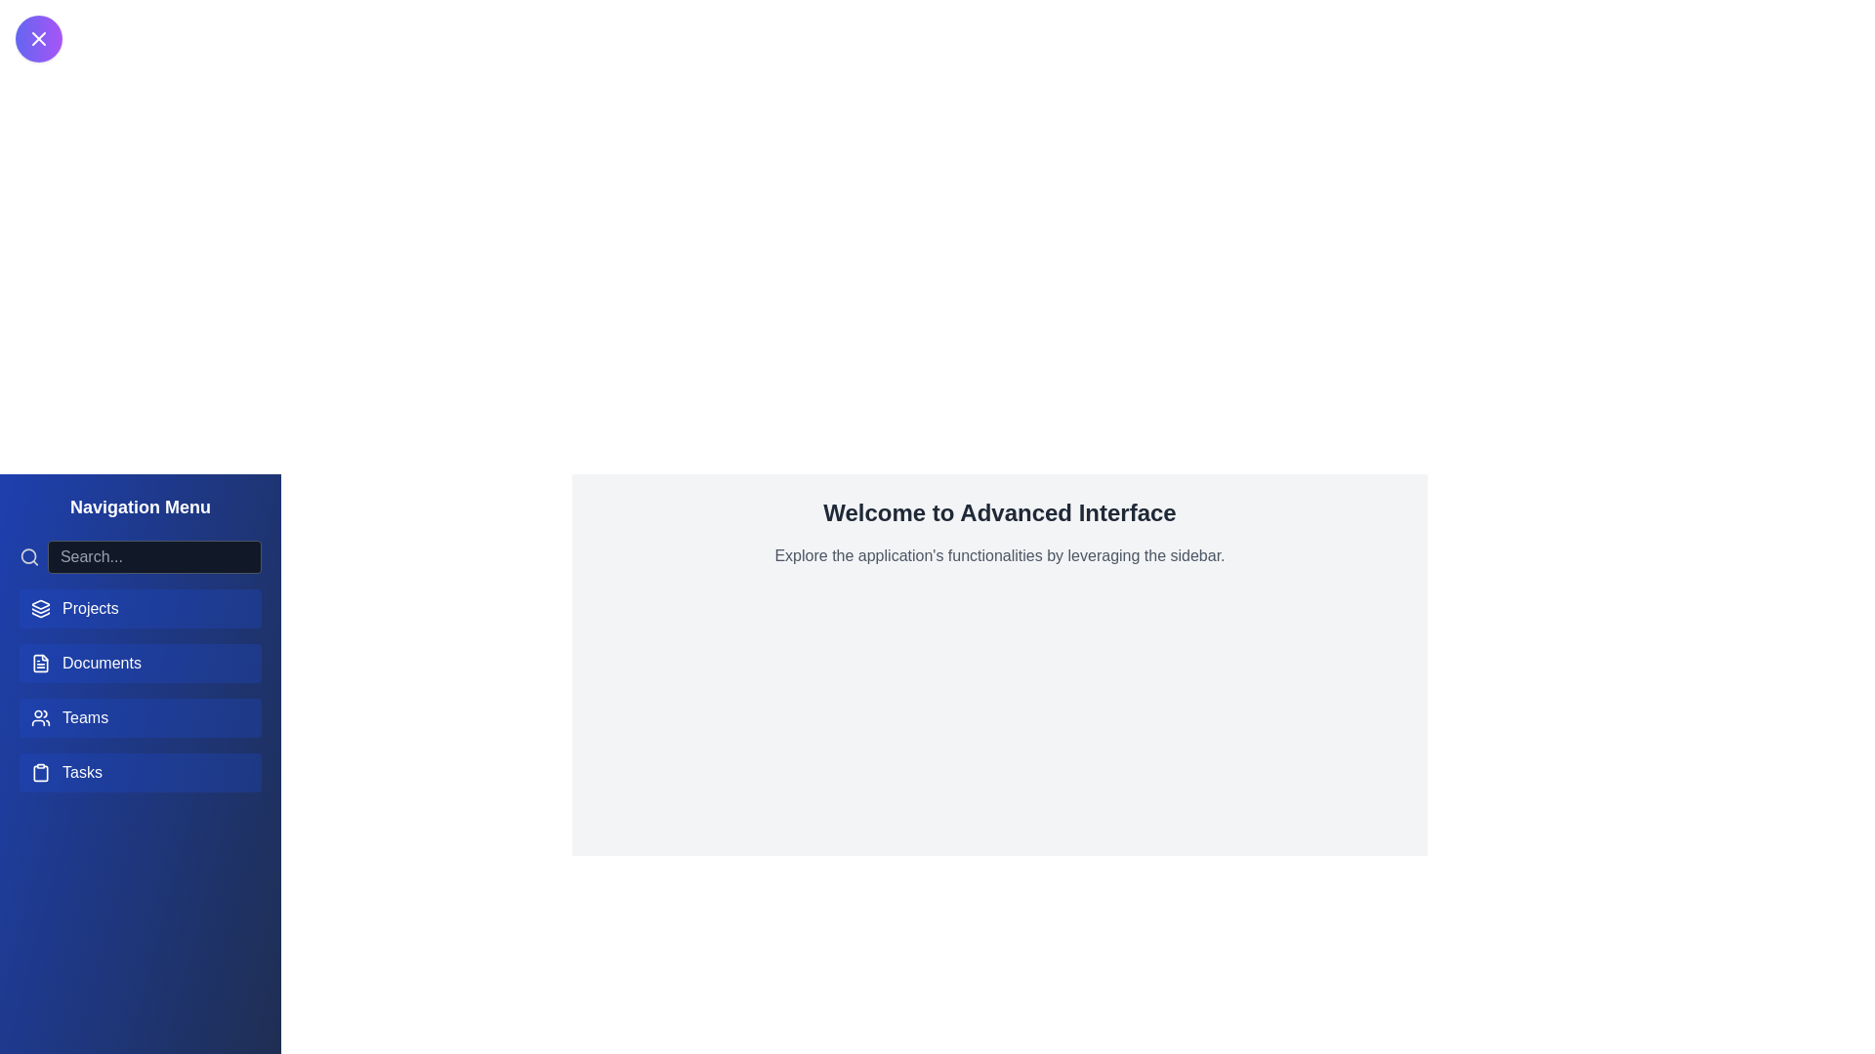 The height and width of the screenshot is (1054, 1875). I want to click on the navigation menu item Documents, so click(140, 662).